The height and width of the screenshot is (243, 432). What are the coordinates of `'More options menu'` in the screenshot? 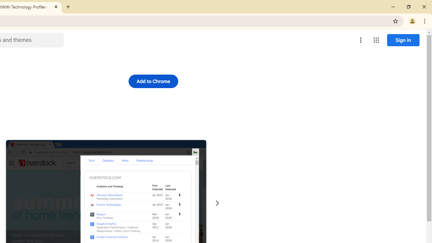 It's located at (360, 40).